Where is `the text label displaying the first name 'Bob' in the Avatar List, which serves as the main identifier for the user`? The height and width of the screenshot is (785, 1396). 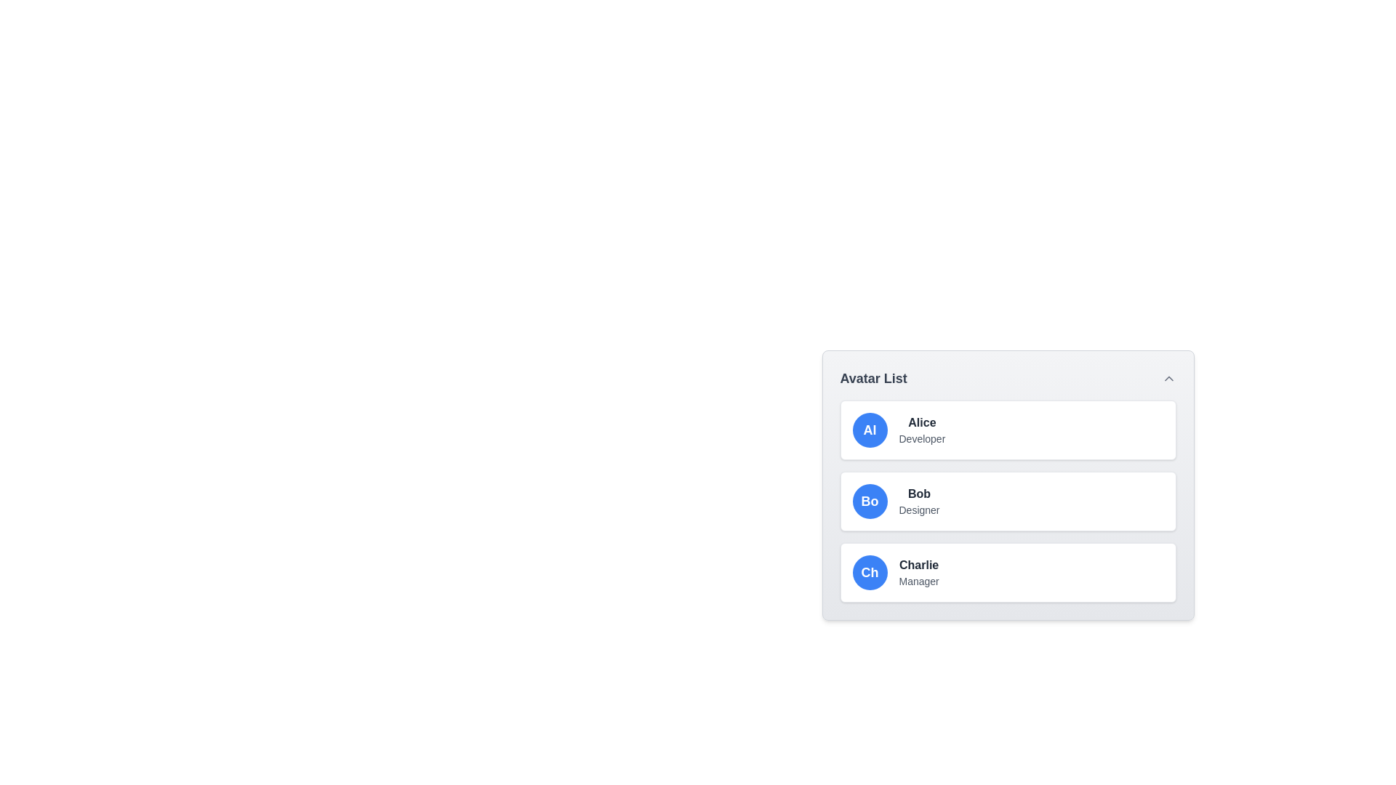
the text label displaying the first name 'Bob' in the Avatar List, which serves as the main identifier for the user is located at coordinates (918, 493).